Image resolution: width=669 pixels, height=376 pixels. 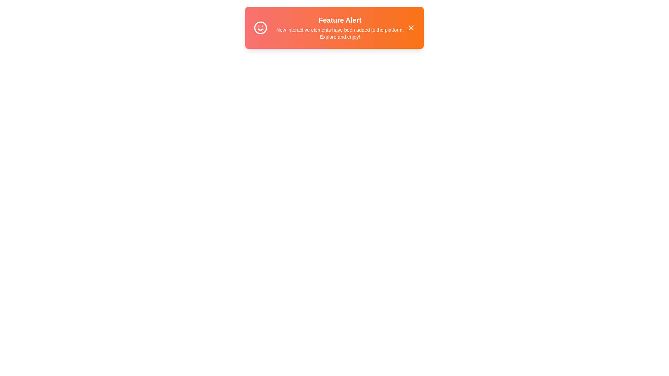 What do you see at coordinates (260, 28) in the screenshot?
I see `the icon next to the text in the snackbar` at bounding box center [260, 28].